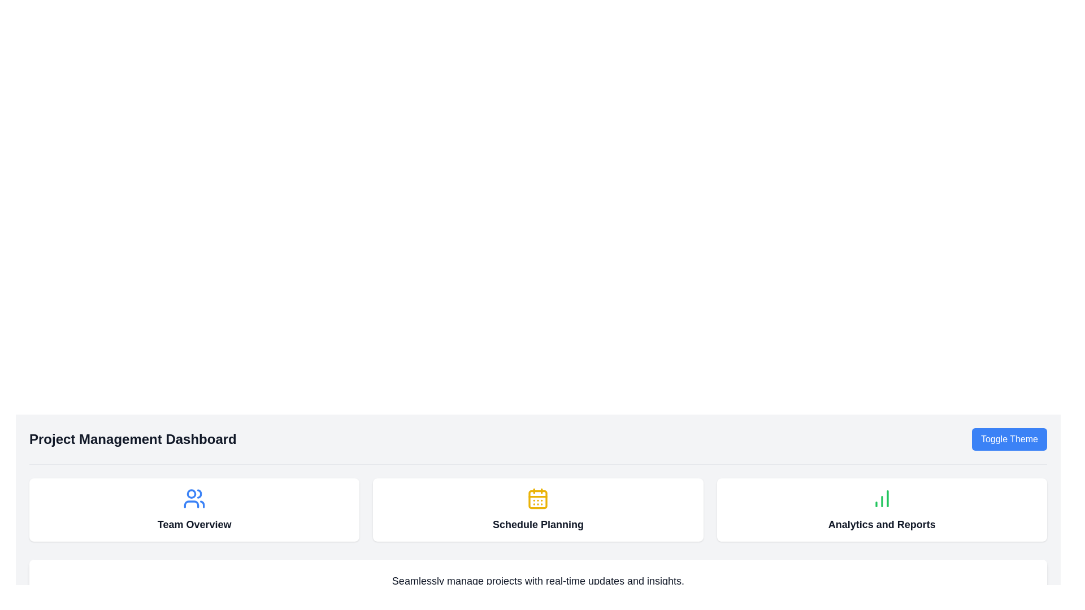  What do you see at coordinates (881, 509) in the screenshot?
I see `the 'Analytics and Reports' interactive card, which features a green bar chart icon and is the third card in a set of three within the Project Management Dashboard` at bounding box center [881, 509].